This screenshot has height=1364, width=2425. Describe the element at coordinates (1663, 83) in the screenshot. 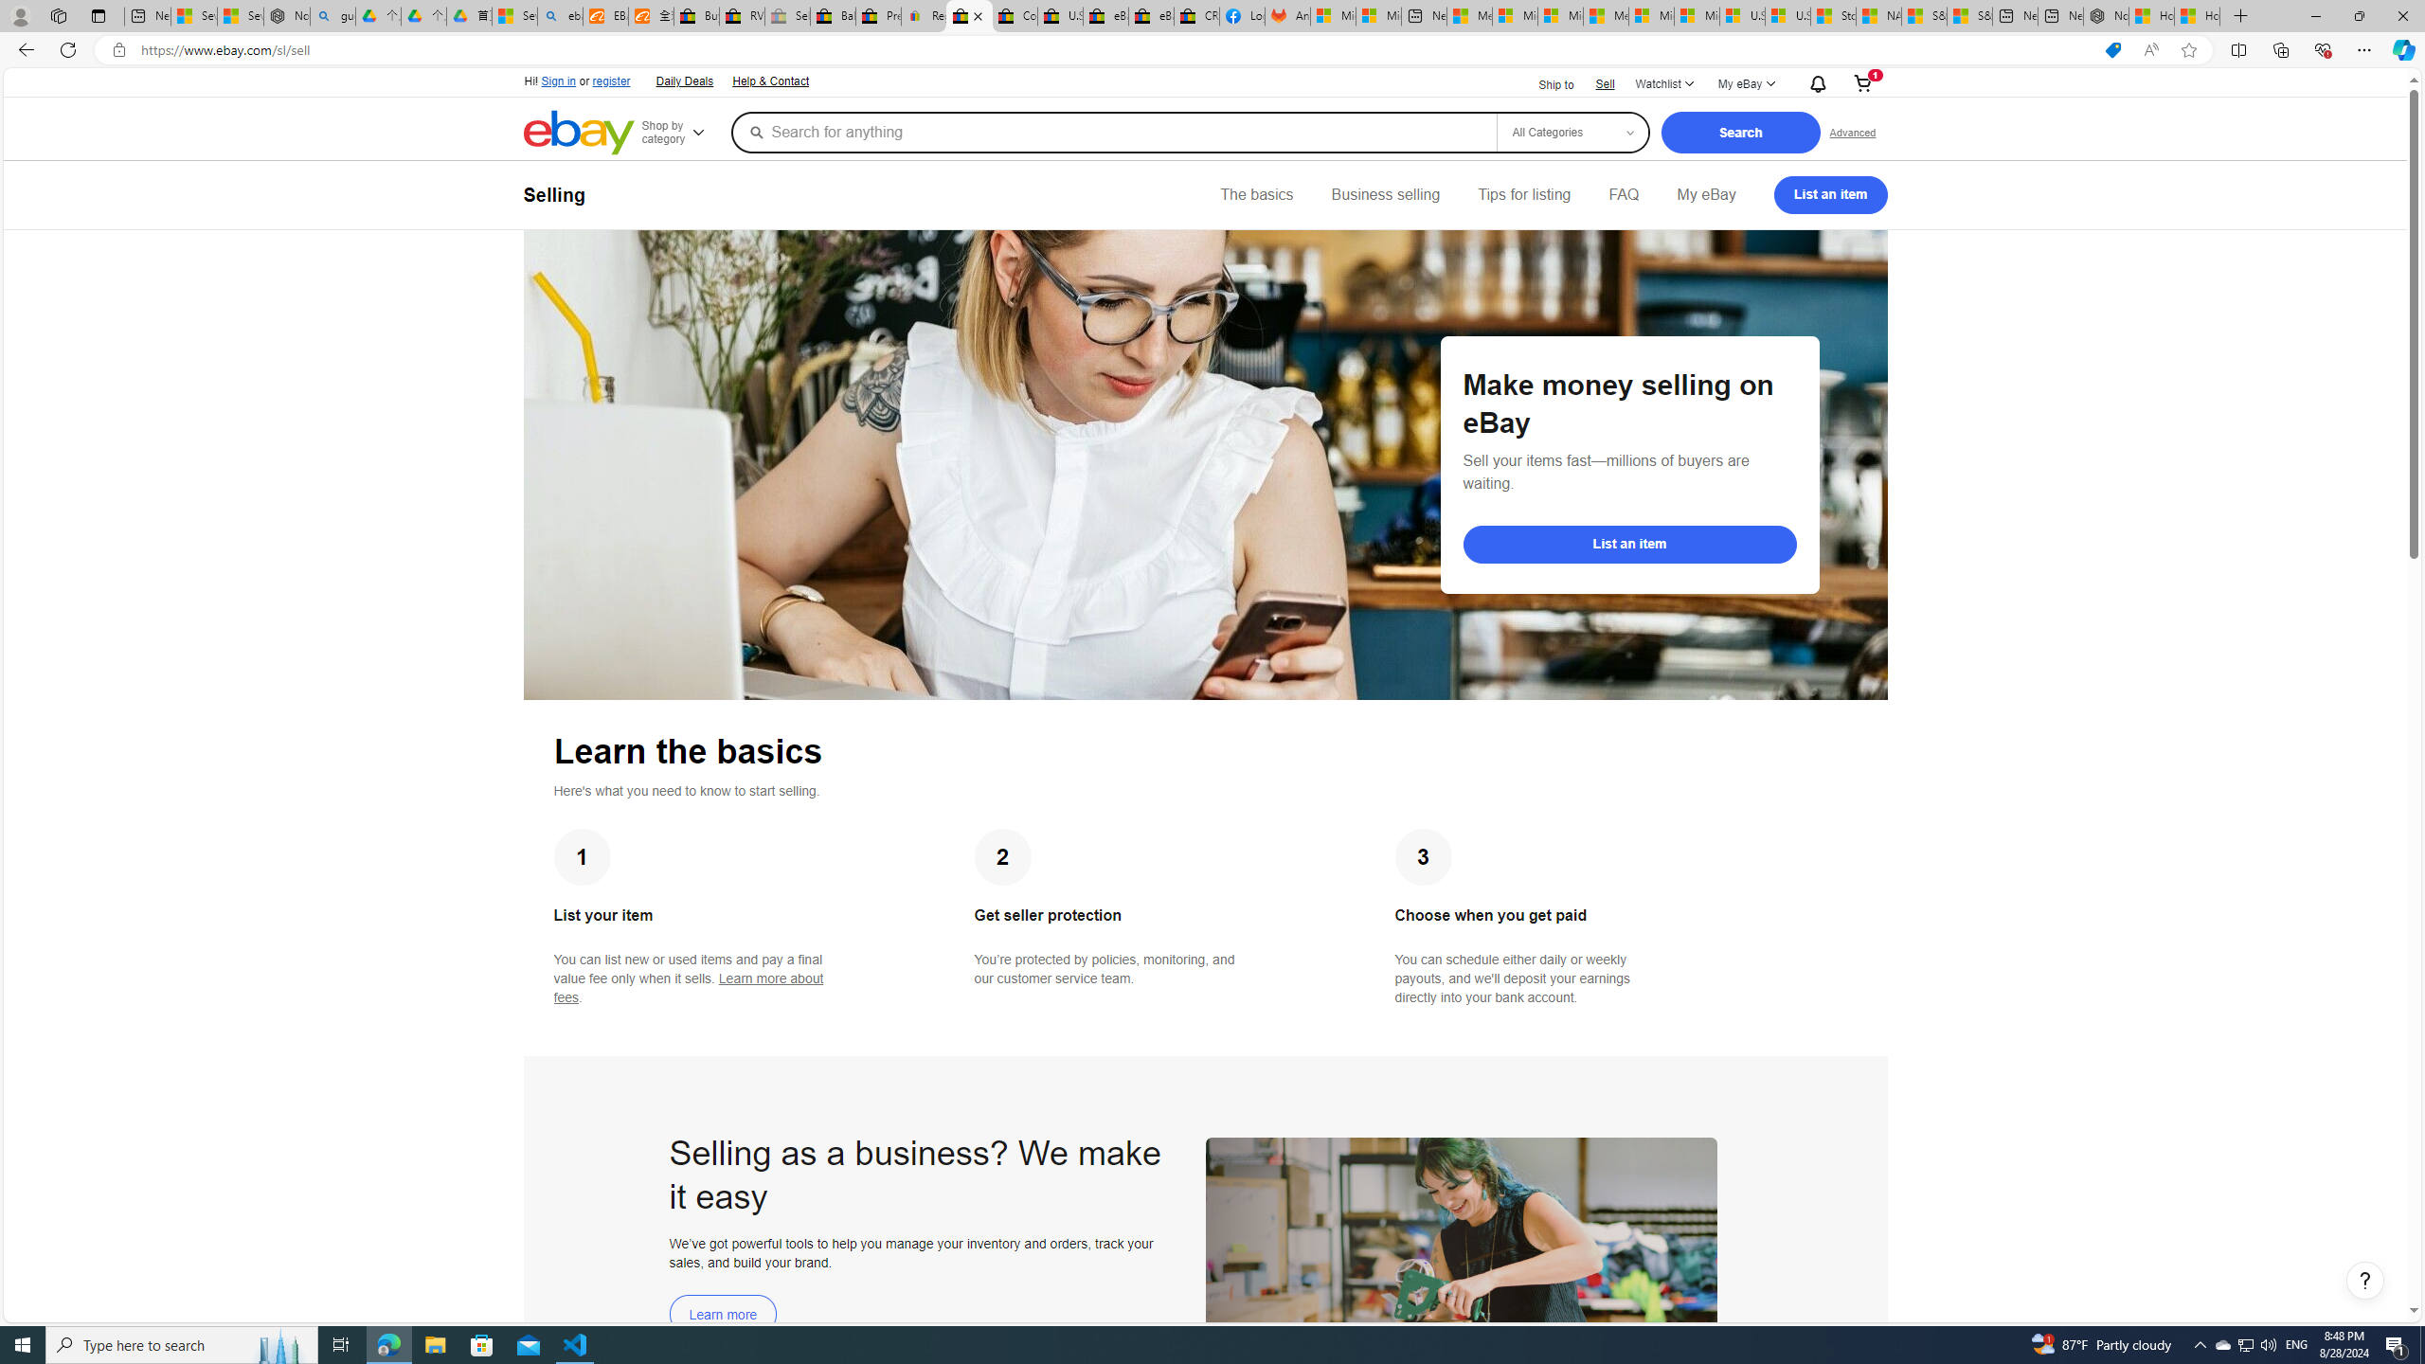

I see `'Watchlist'` at that location.